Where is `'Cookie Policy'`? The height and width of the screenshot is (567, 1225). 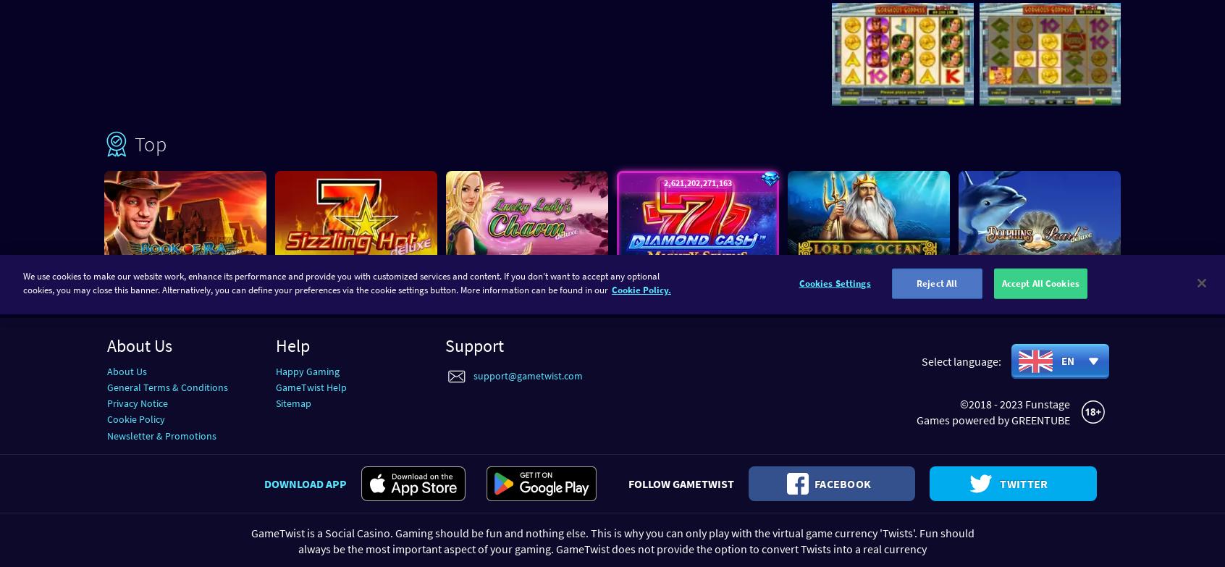 'Cookie Policy' is located at coordinates (135, 419).